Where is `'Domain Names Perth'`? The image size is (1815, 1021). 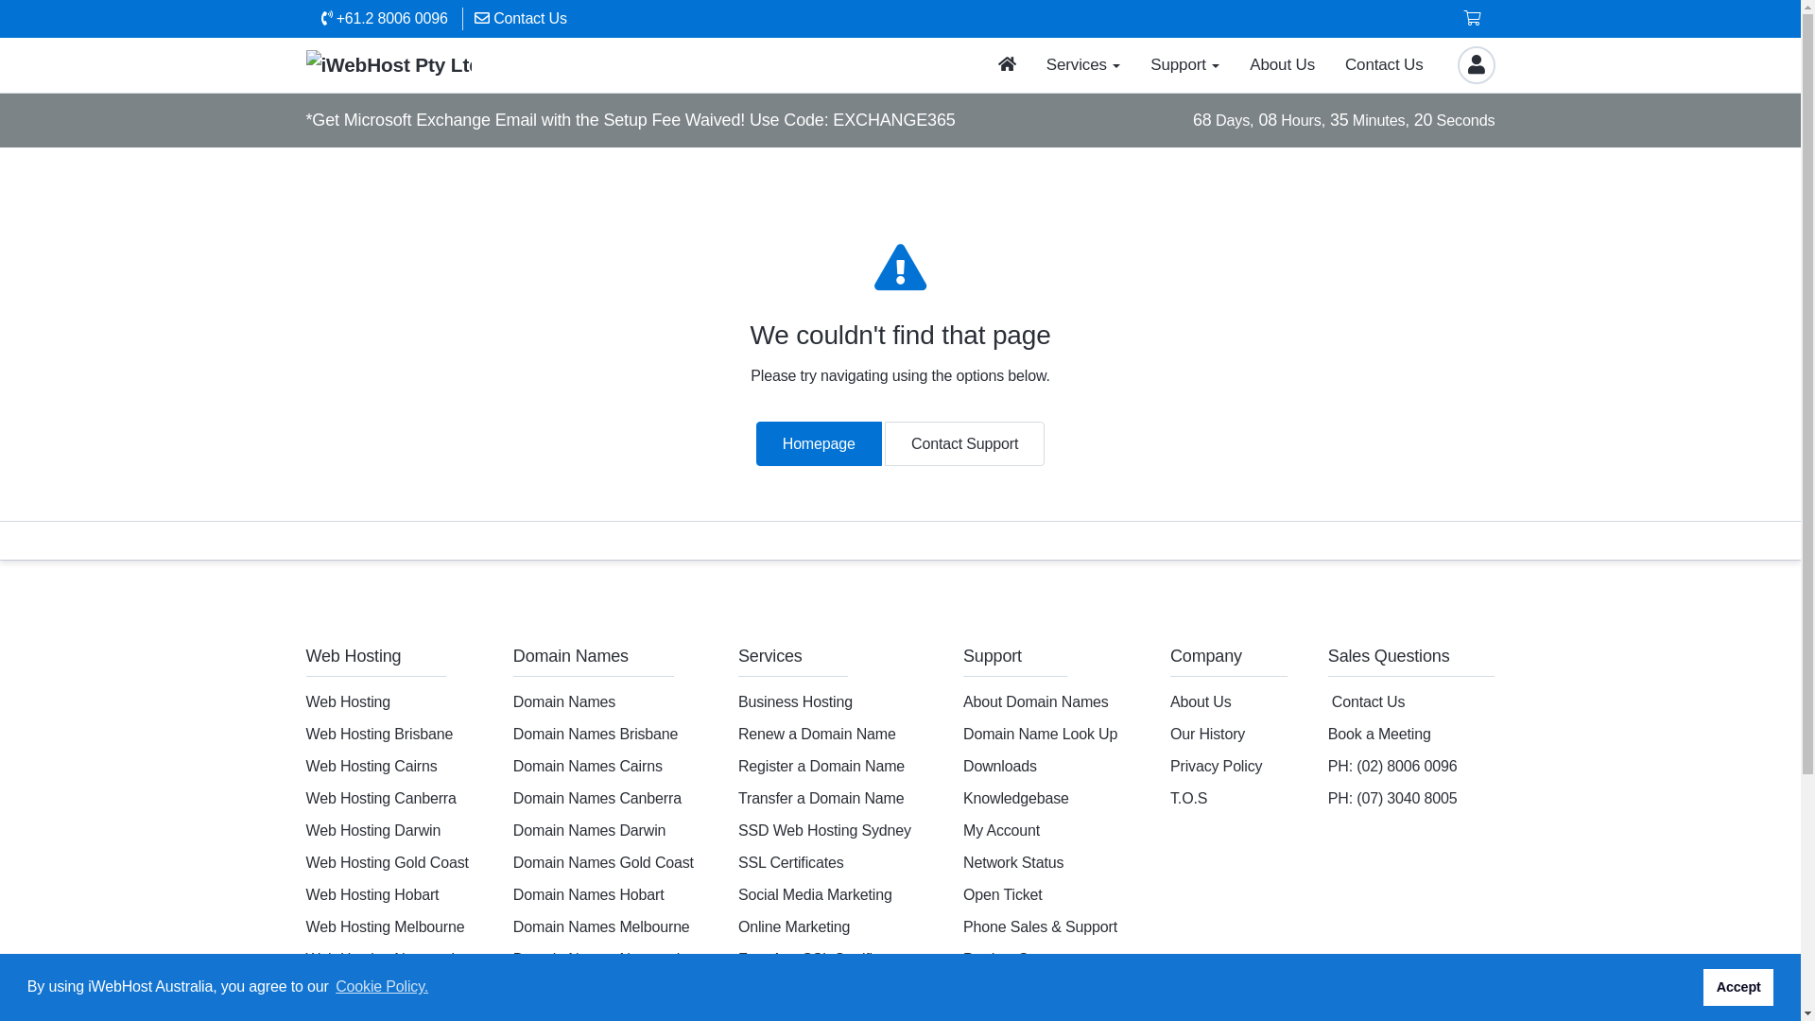 'Domain Names Perth' is located at coordinates (583, 990).